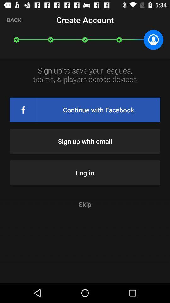 This screenshot has height=303, width=170. What do you see at coordinates (14, 20) in the screenshot?
I see `icon next to create account item` at bounding box center [14, 20].